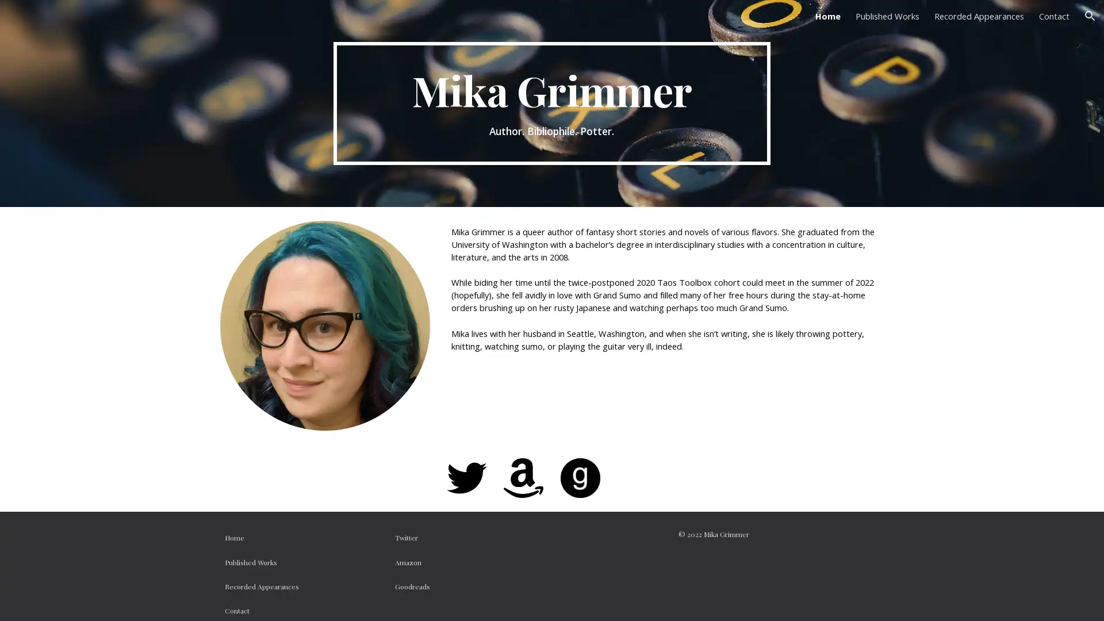 The width and height of the screenshot is (1104, 621). What do you see at coordinates (20, 600) in the screenshot?
I see `Site actions` at bounding box center [20, 600].